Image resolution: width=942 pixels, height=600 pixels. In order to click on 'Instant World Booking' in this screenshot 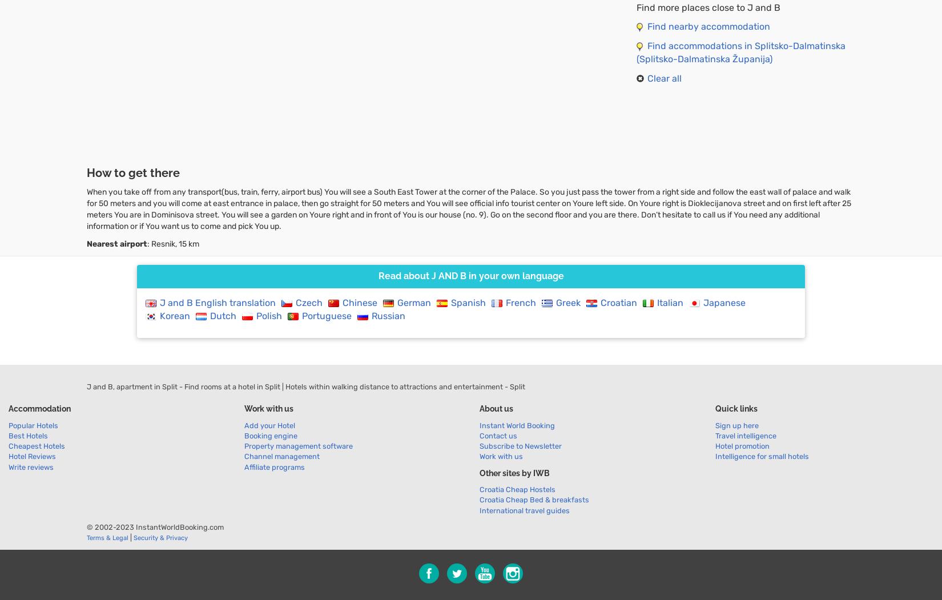, I will do `click(517, 425)`.